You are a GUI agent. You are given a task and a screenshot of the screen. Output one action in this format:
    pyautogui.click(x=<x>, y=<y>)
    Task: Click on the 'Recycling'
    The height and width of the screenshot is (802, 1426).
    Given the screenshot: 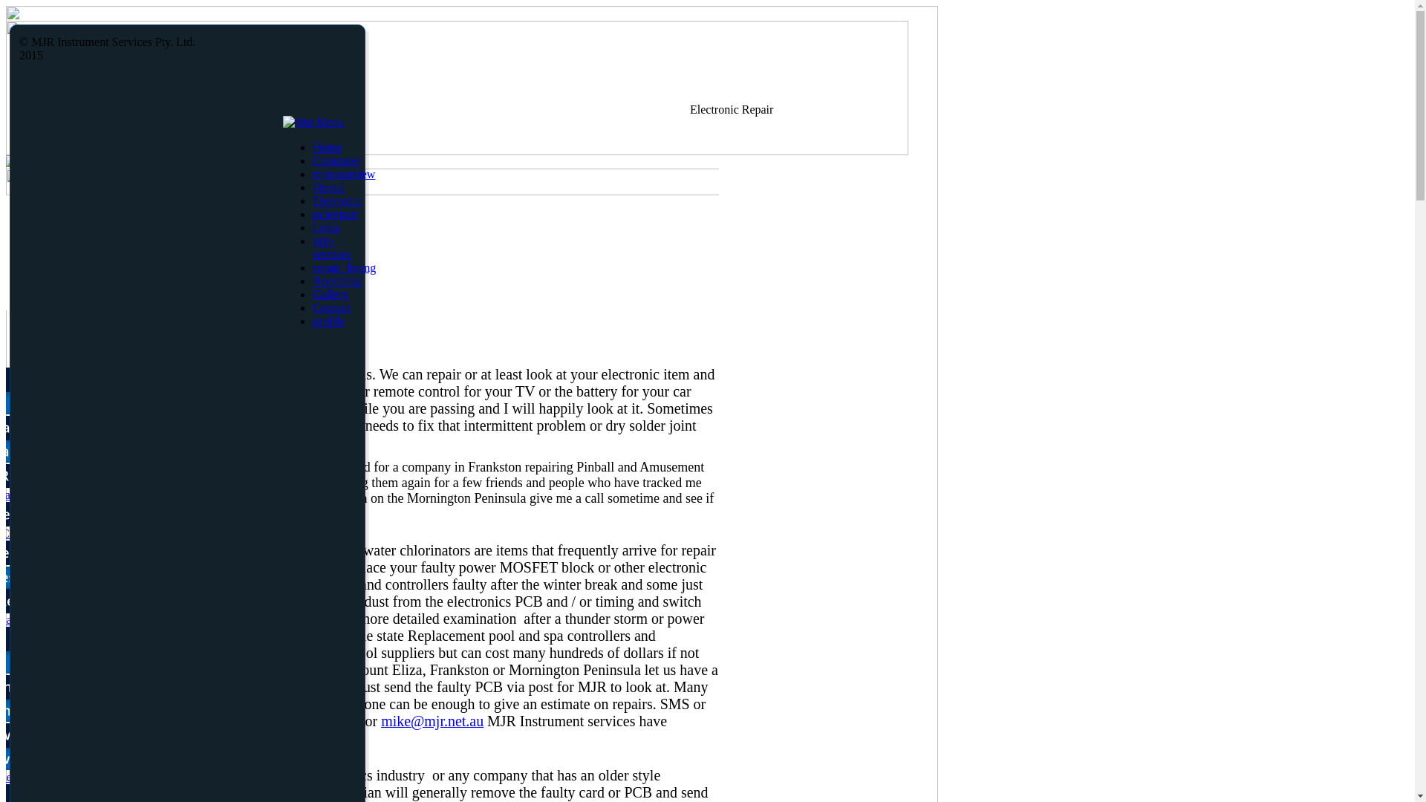 What is the action you would take?
    pyautogui.click(x=336, y=281)
    